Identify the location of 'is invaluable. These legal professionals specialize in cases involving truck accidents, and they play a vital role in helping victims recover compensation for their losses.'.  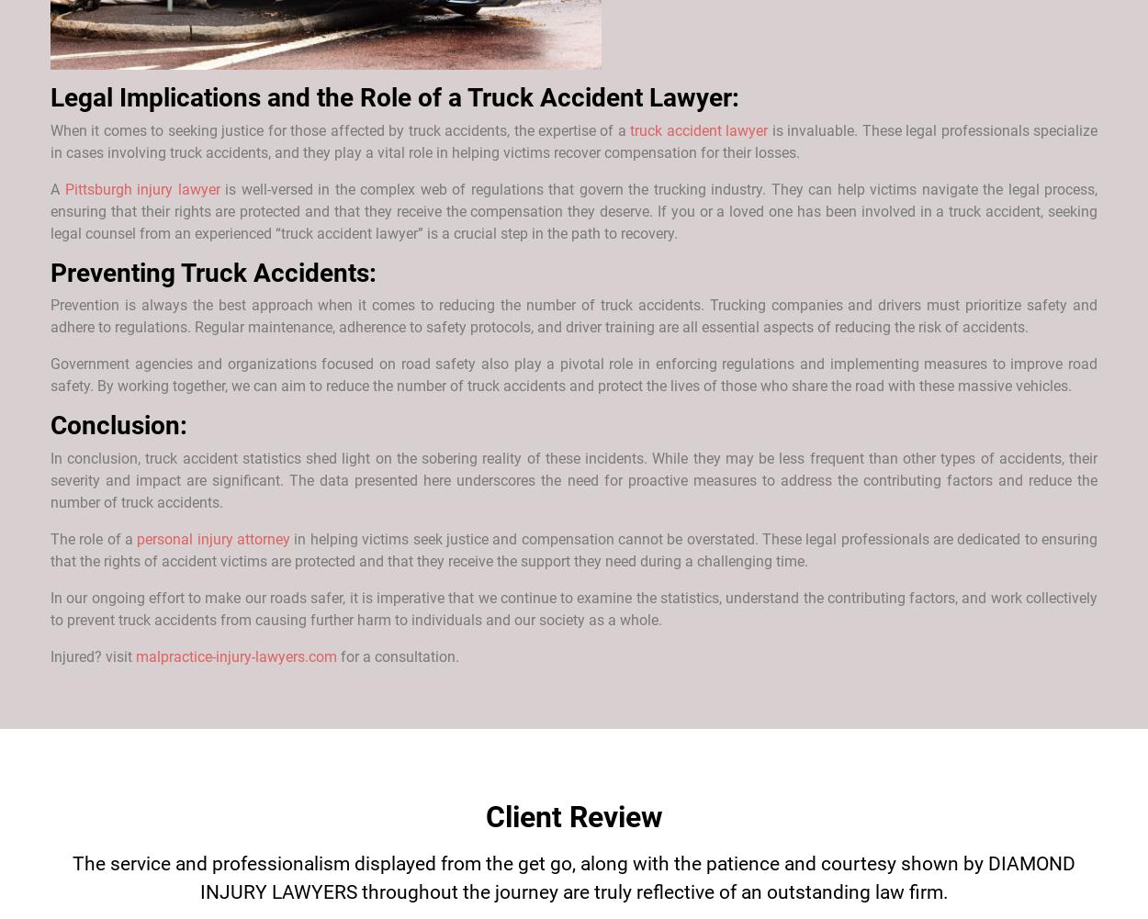
(574, 140).